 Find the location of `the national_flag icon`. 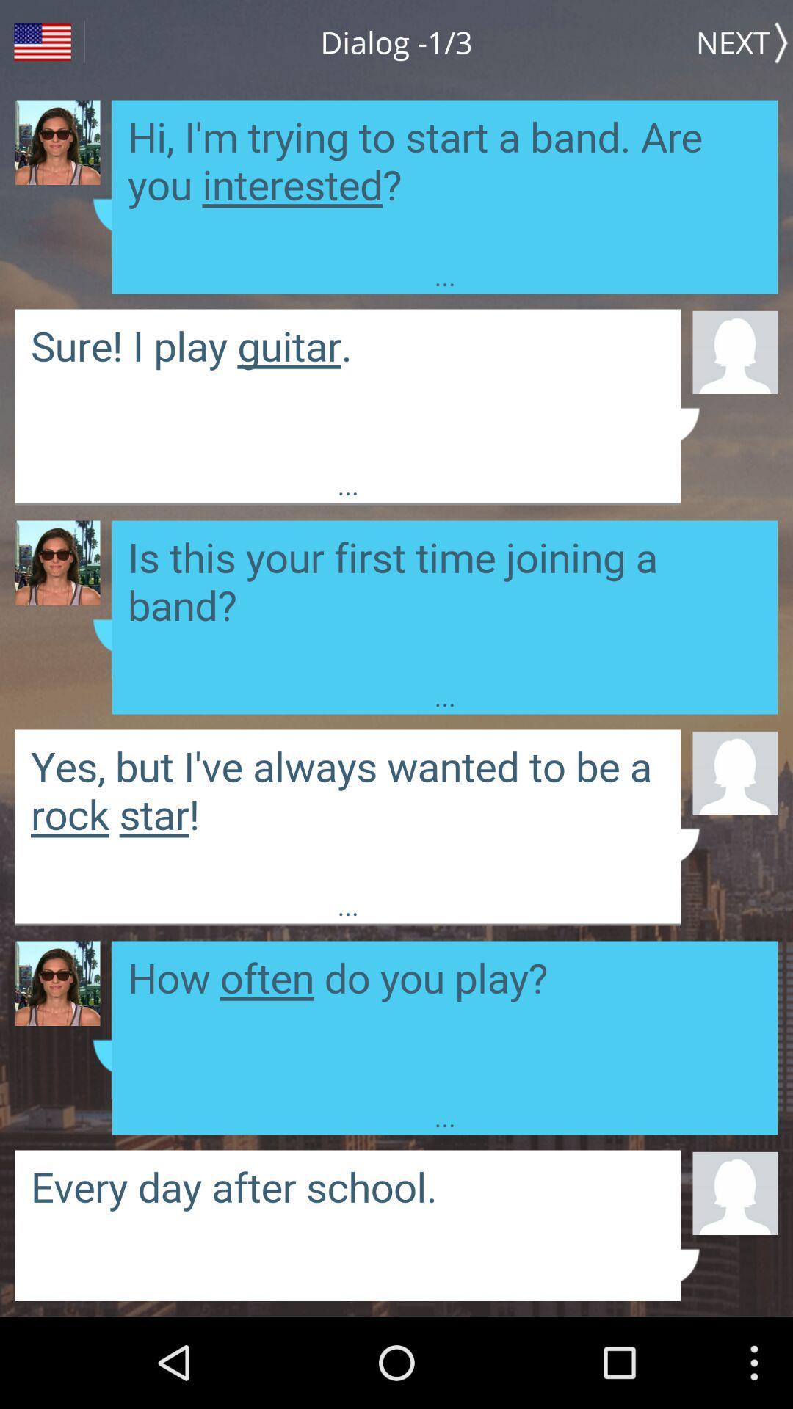

the national_flag icon is located at coordinates (41, 45).